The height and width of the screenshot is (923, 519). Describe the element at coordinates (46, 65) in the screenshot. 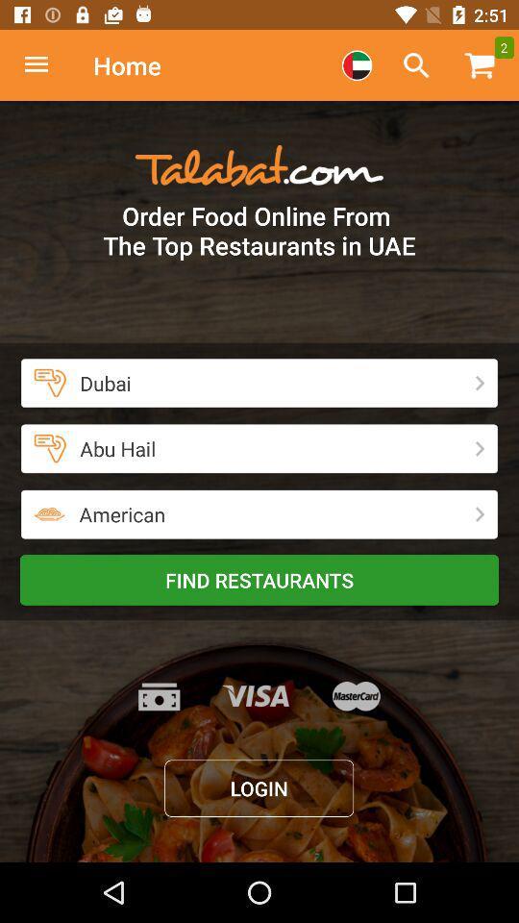

I see `menu button` at that location.